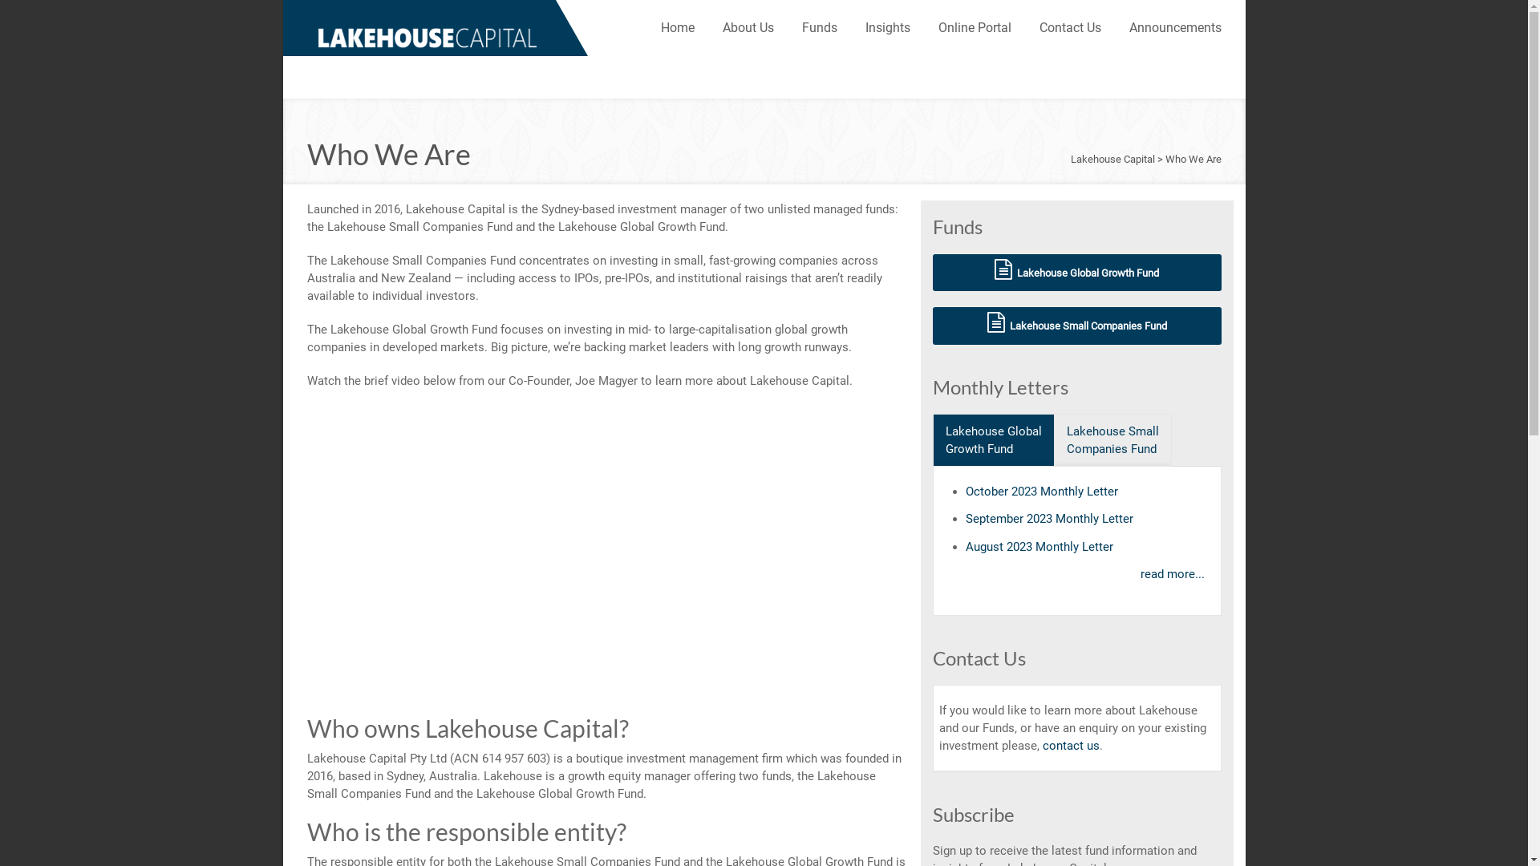 The width and height of the screenshot is (1540, 866). I want to click on 'October 2023 Monthly Letter', so click(1042, 491).